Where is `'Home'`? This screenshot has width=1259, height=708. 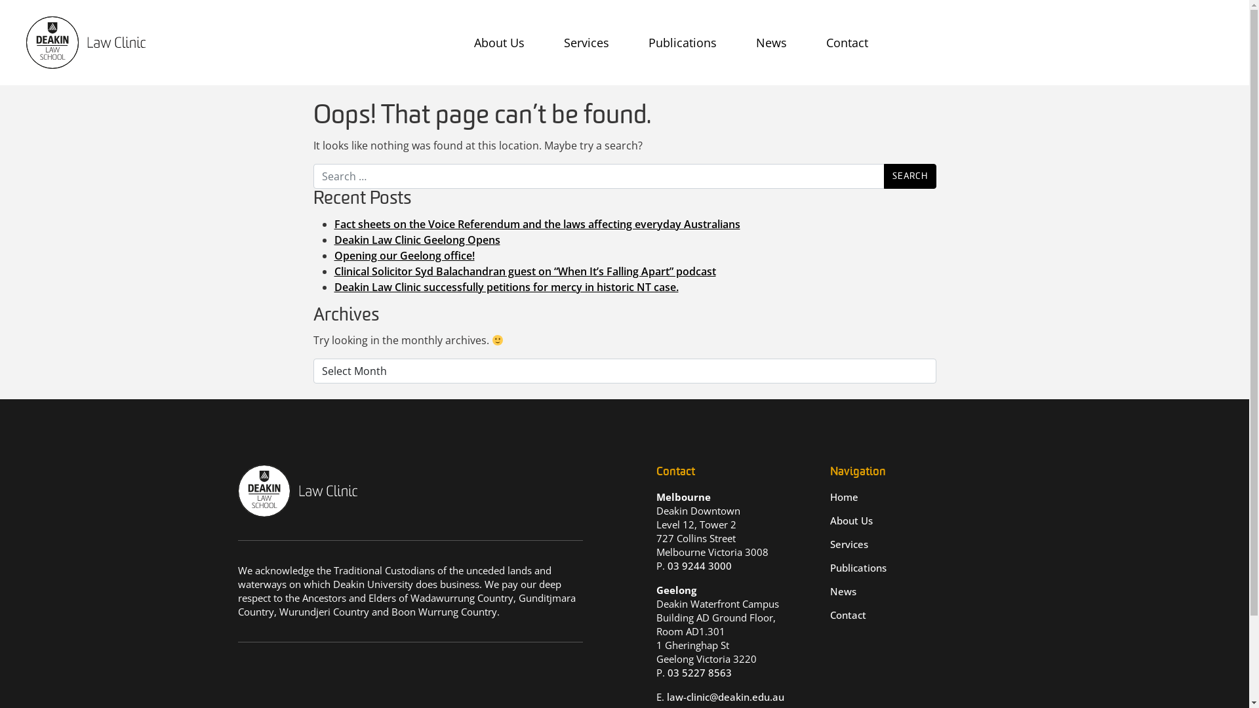
'Home' is located at coordinates (844, 497).